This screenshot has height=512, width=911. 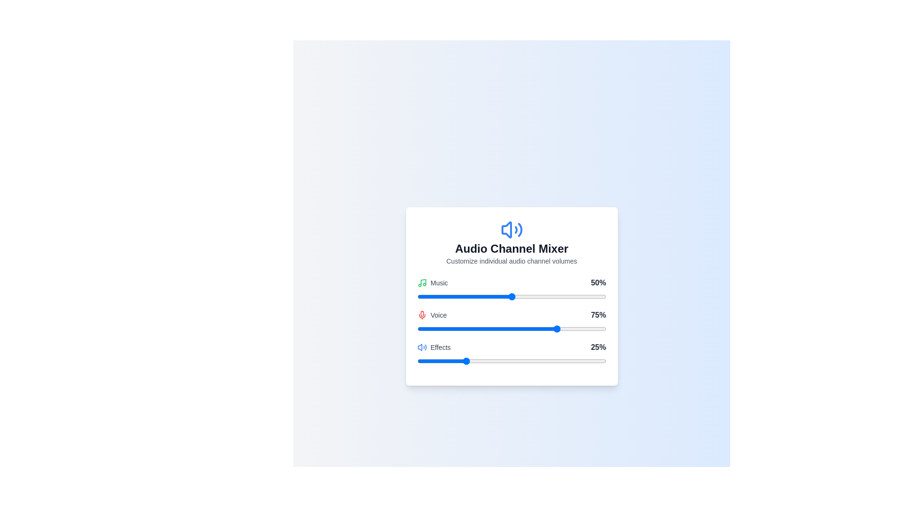 I want to click on the 'Effects' volume slider, so click(x=483, y=361).